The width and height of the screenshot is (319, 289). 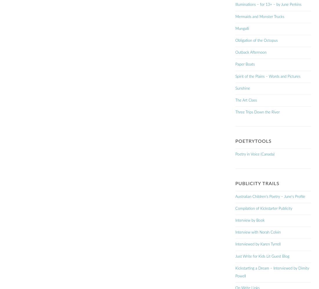 What do you see at coordinates (242, 88) in the screenshot?
I see `'Sunshine'` at bounding box center [242, 88].